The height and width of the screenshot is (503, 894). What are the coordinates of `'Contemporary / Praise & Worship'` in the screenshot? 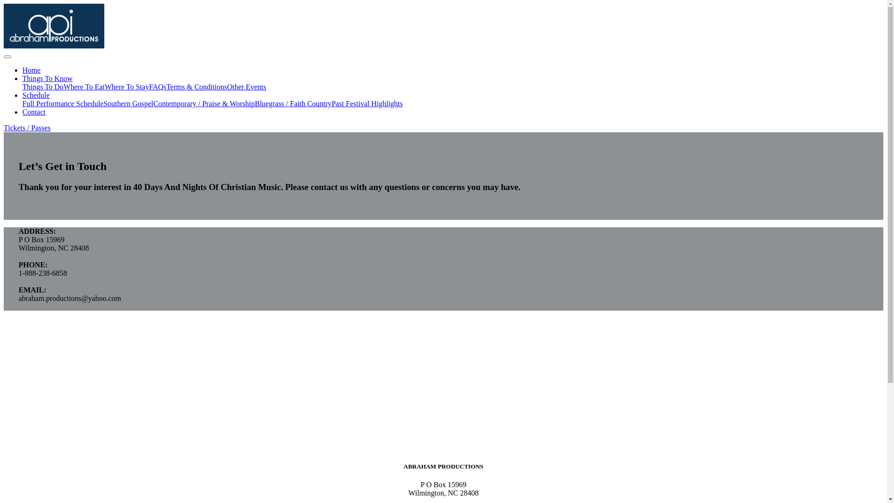 It's located at (203, 103).